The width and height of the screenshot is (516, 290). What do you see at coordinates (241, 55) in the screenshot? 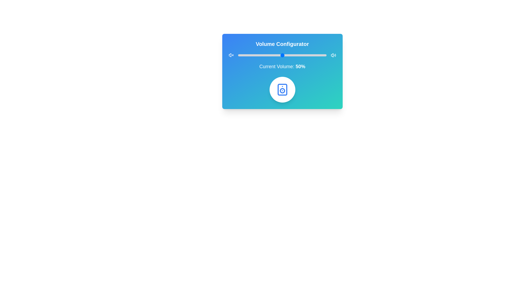
I see `the volume slider to set the volume to 3%` at bounding box center [241, 55].